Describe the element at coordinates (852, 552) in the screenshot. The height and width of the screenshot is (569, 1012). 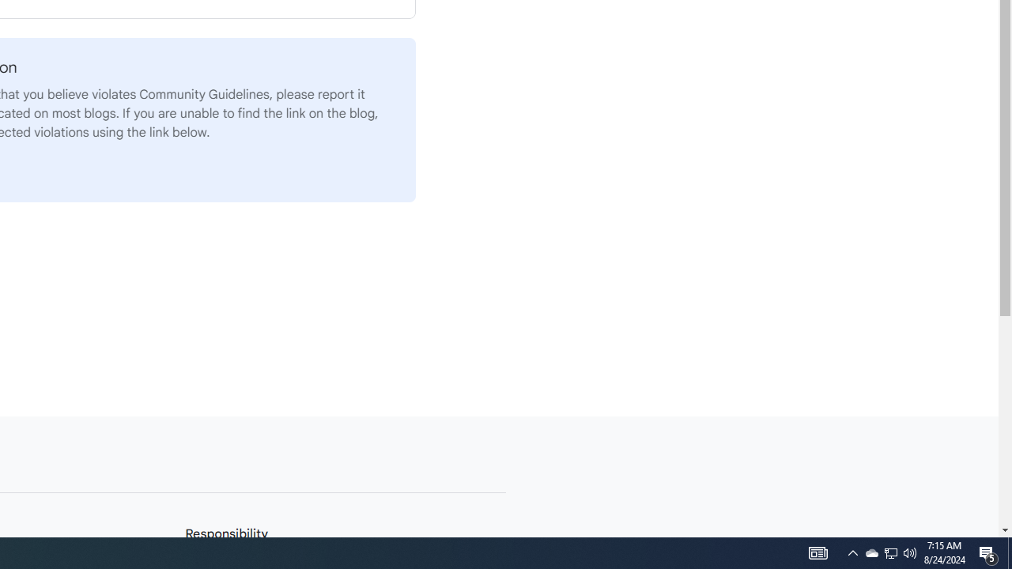
I see `'Notification Chevron'` at that location.